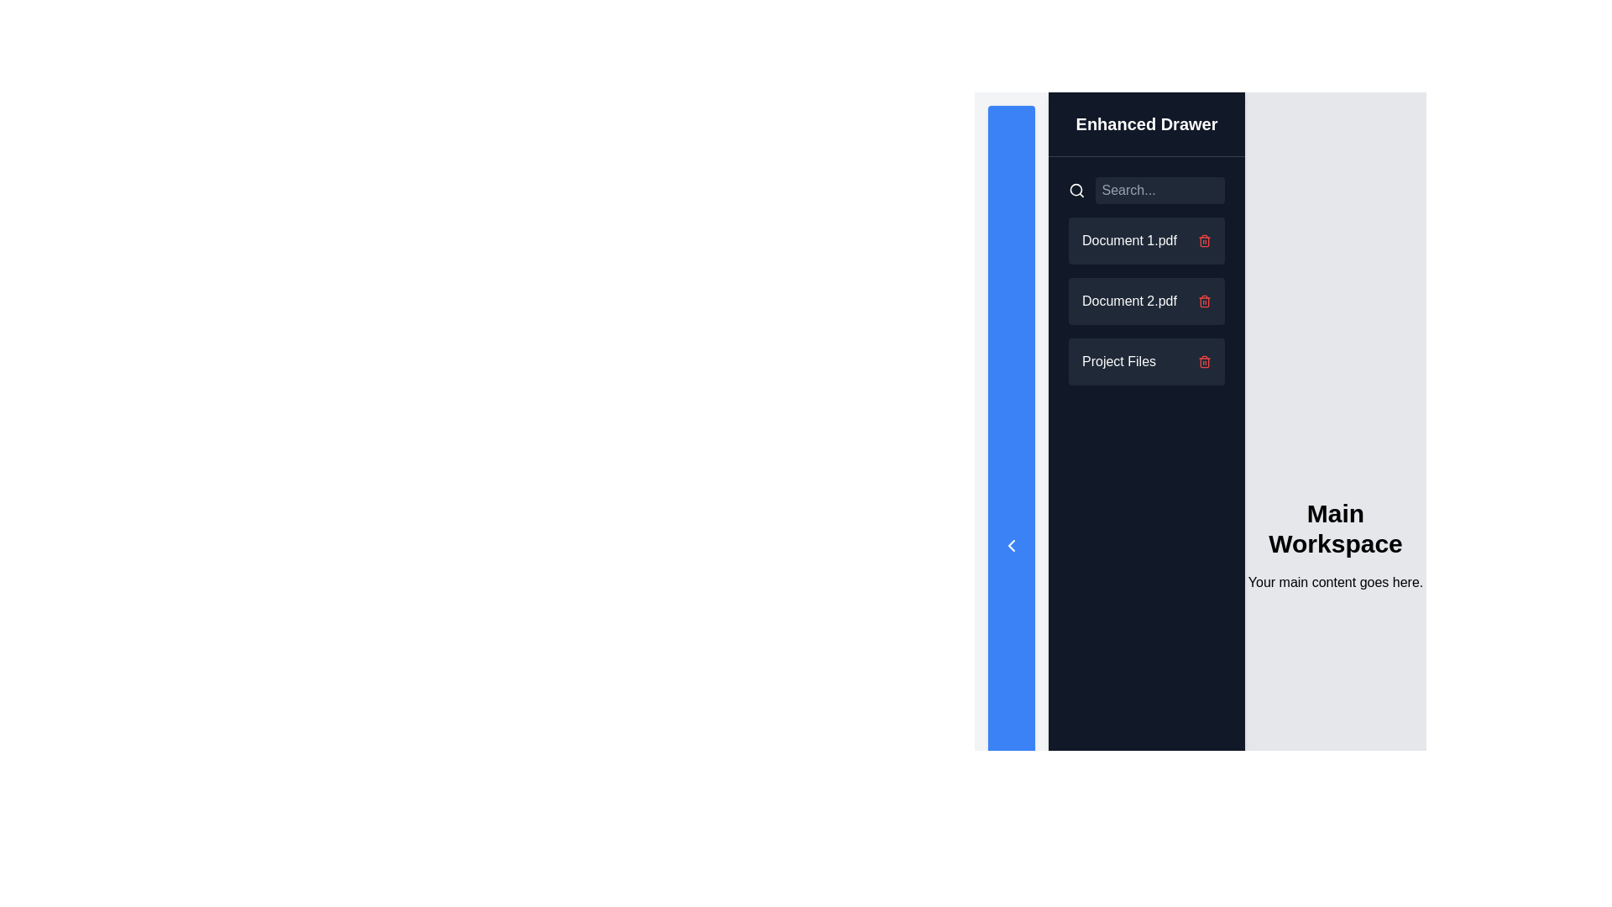  Describe the element at coordinates (1010, 546) in the screenshot. I see `the navigation indicator icon located in the center of the vertical blue sidebar on the left side of the interface for accessibility purposes` at that location.